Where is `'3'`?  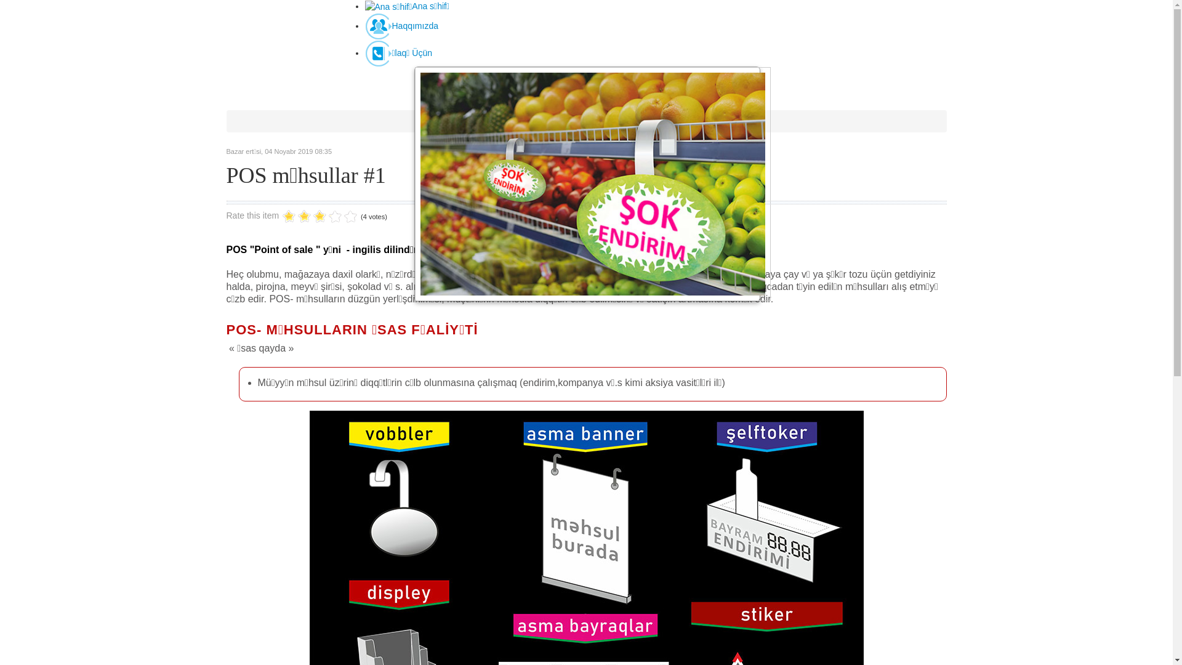
'3' is located at coordinates (304, 216).